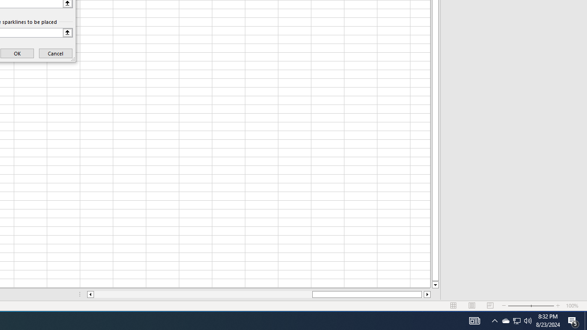 This screenshot has height=330, width=587. Describe the element at coordinates (435, 285) in the screenshot. I see `'Line down'` at that location.